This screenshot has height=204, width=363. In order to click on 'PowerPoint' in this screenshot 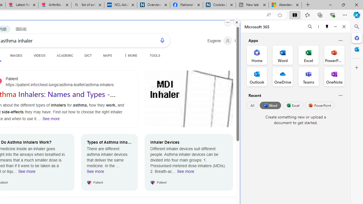, I will do `click(320, 105)`.